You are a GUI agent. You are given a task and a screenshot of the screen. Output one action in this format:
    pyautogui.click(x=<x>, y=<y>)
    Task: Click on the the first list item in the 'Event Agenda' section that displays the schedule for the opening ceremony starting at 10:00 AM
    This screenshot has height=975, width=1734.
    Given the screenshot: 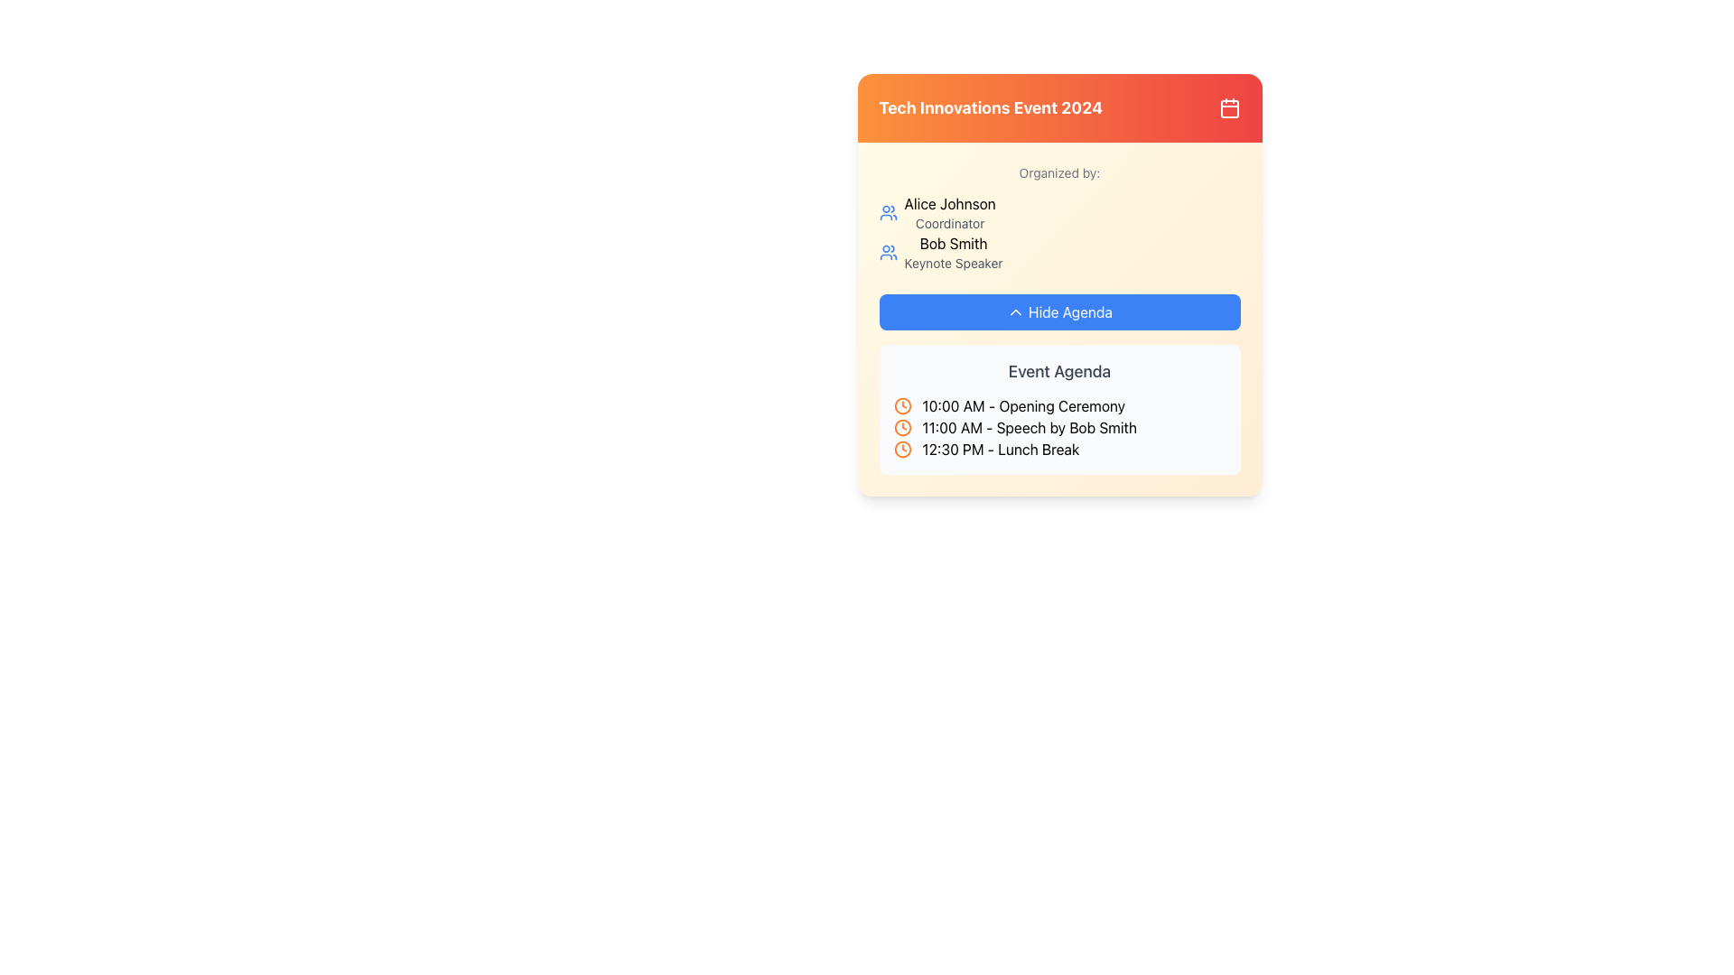 What is the action you would take?
    pyautogui.click(x=1059, y=406)
    